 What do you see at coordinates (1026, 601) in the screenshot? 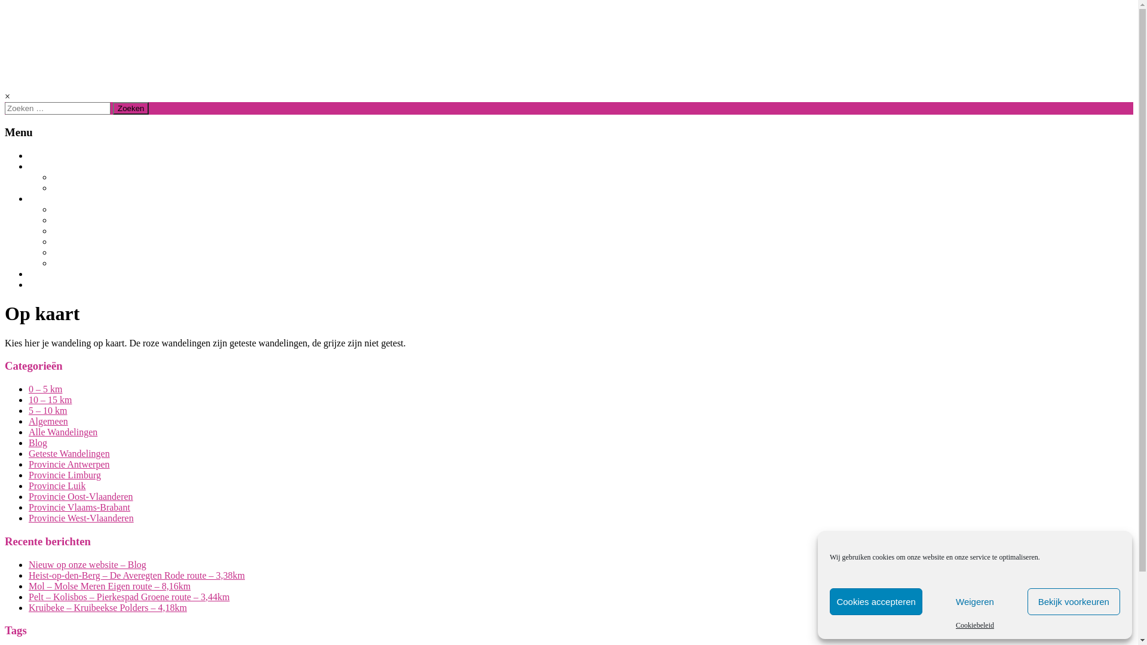
I see `'Bekijk voorkeuren'` at bounding box center [1026, 601].